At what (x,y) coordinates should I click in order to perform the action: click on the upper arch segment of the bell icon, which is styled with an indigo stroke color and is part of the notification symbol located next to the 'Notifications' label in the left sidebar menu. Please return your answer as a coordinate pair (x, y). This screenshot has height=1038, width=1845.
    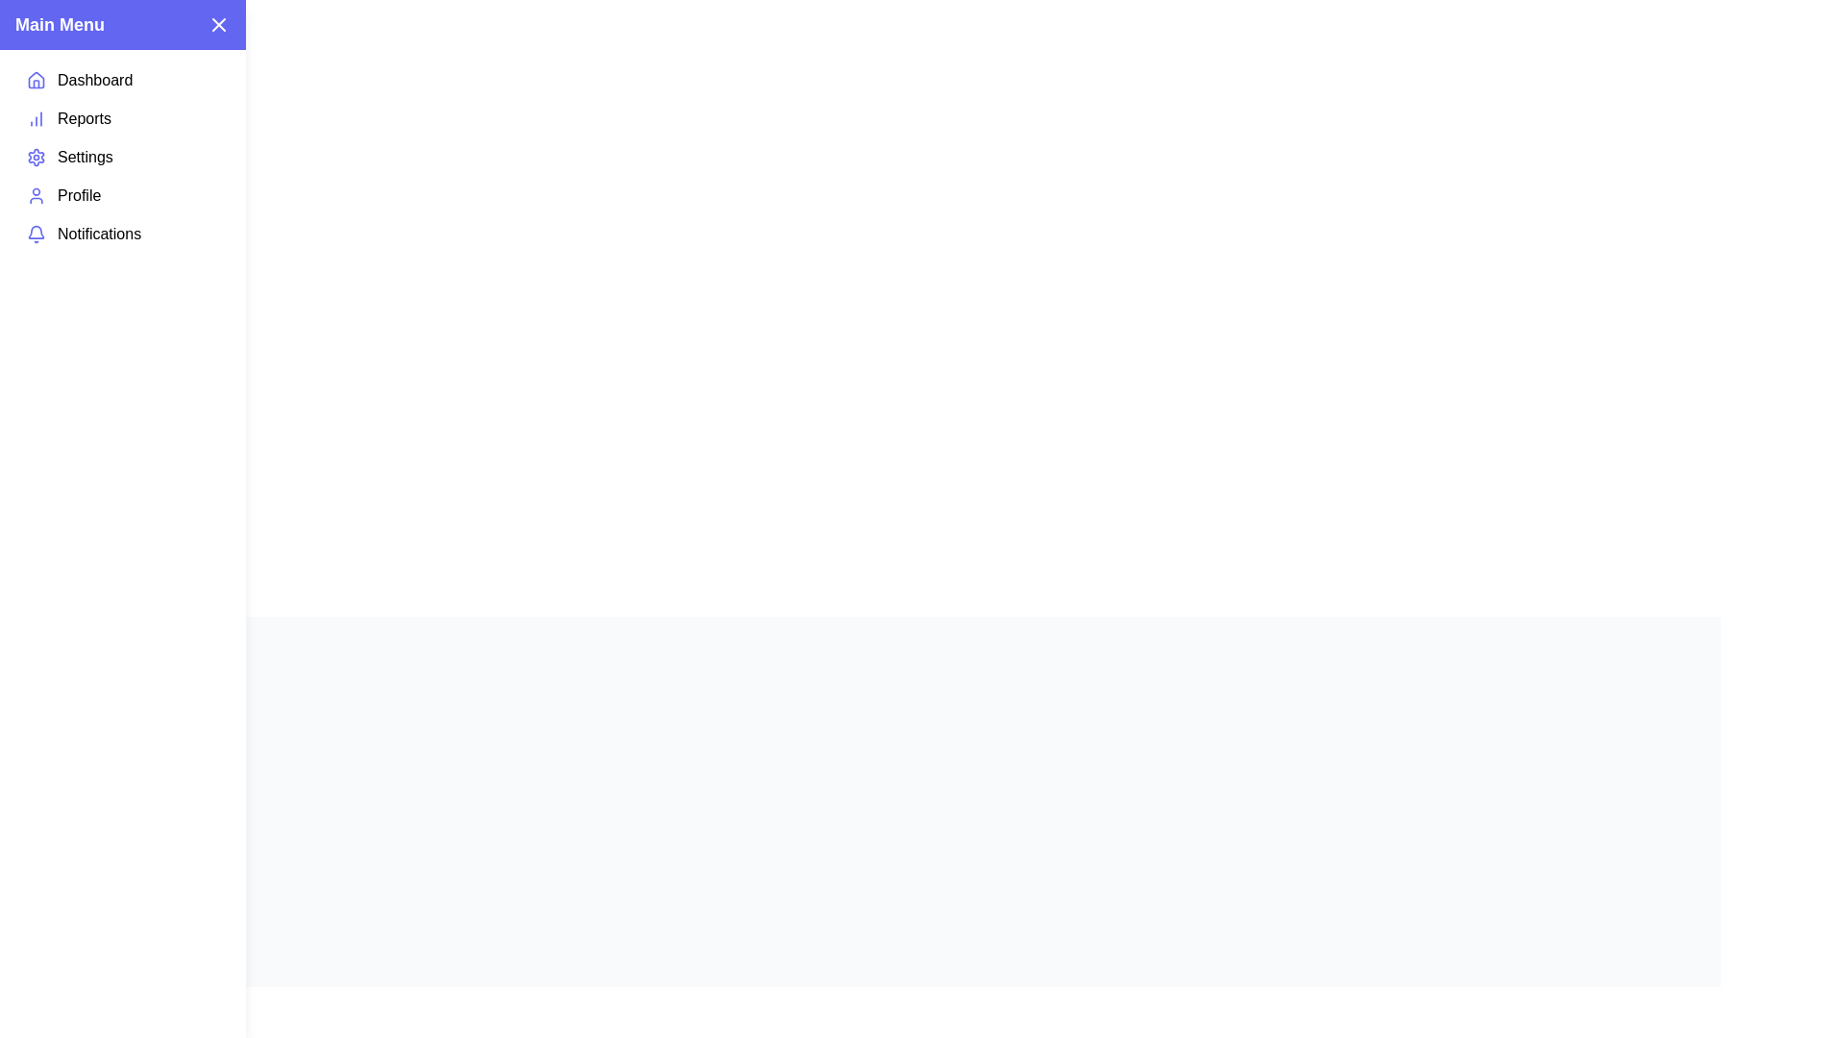
    Looking at the image, I should click on (37, 231).